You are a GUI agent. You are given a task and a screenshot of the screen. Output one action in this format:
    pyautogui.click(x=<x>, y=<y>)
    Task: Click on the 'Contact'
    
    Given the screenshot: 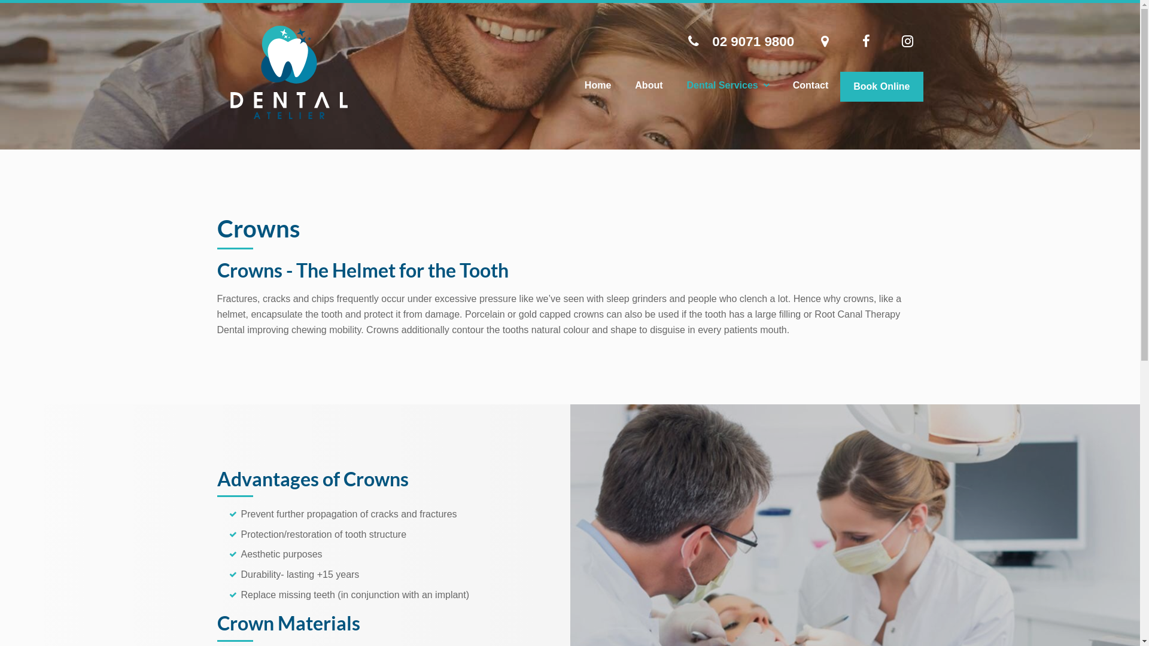 What is the action you would take?
    pyautogui.click(x=810, y=84)
    